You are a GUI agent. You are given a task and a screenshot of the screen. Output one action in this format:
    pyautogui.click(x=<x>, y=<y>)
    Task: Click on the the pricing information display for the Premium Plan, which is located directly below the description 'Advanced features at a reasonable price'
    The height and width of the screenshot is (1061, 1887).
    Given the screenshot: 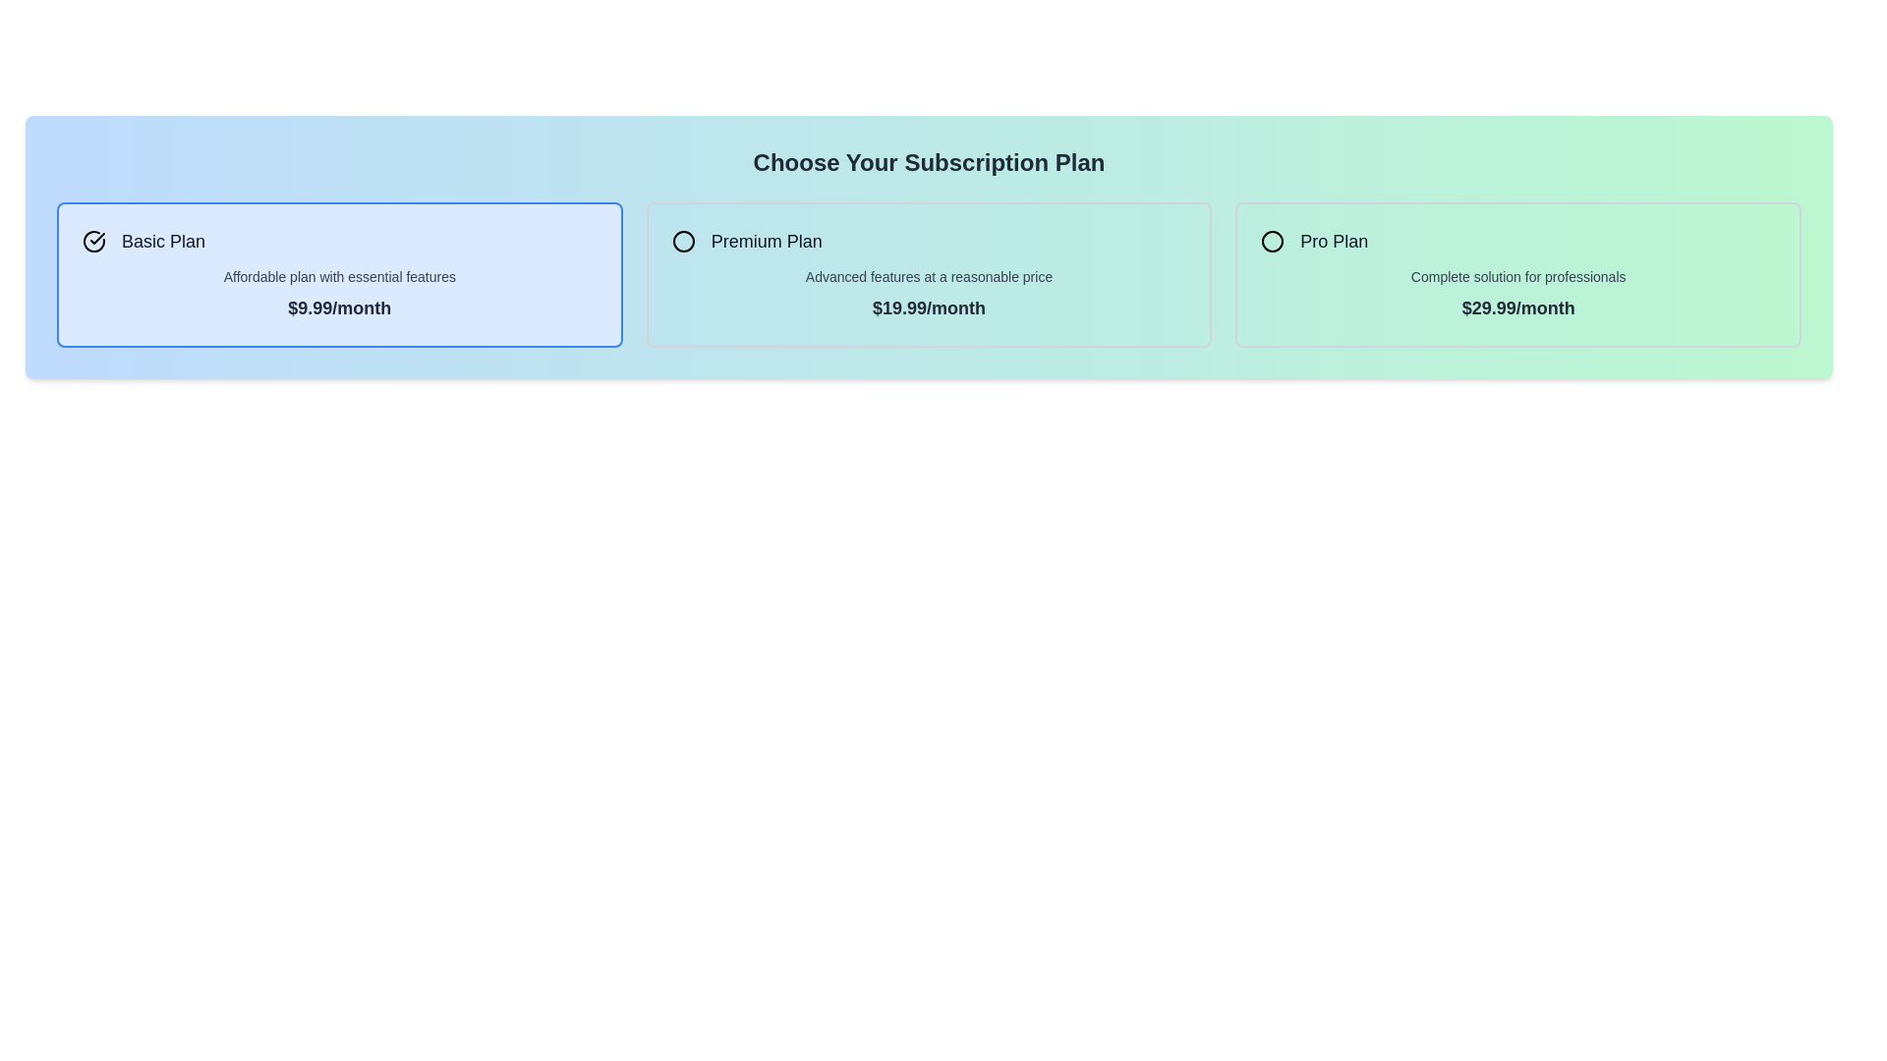 What is the action you would take?
    pyautogui.click(x=928, y=307)
    